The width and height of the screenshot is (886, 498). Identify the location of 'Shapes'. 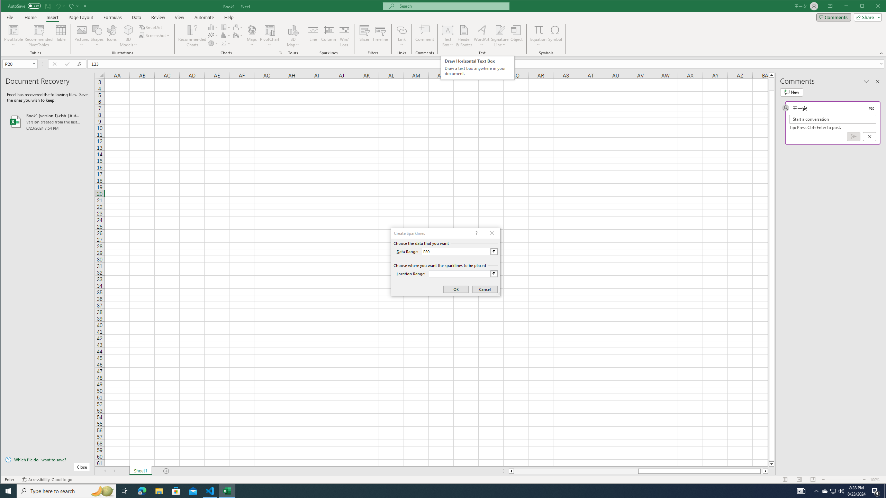
(97, 36).